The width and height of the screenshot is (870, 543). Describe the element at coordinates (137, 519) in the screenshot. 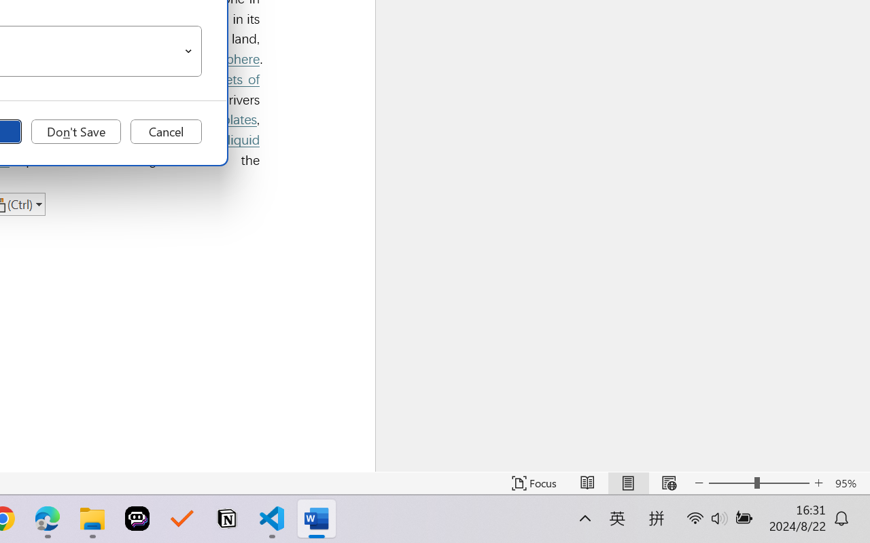

I see `'Poe'` at that location.